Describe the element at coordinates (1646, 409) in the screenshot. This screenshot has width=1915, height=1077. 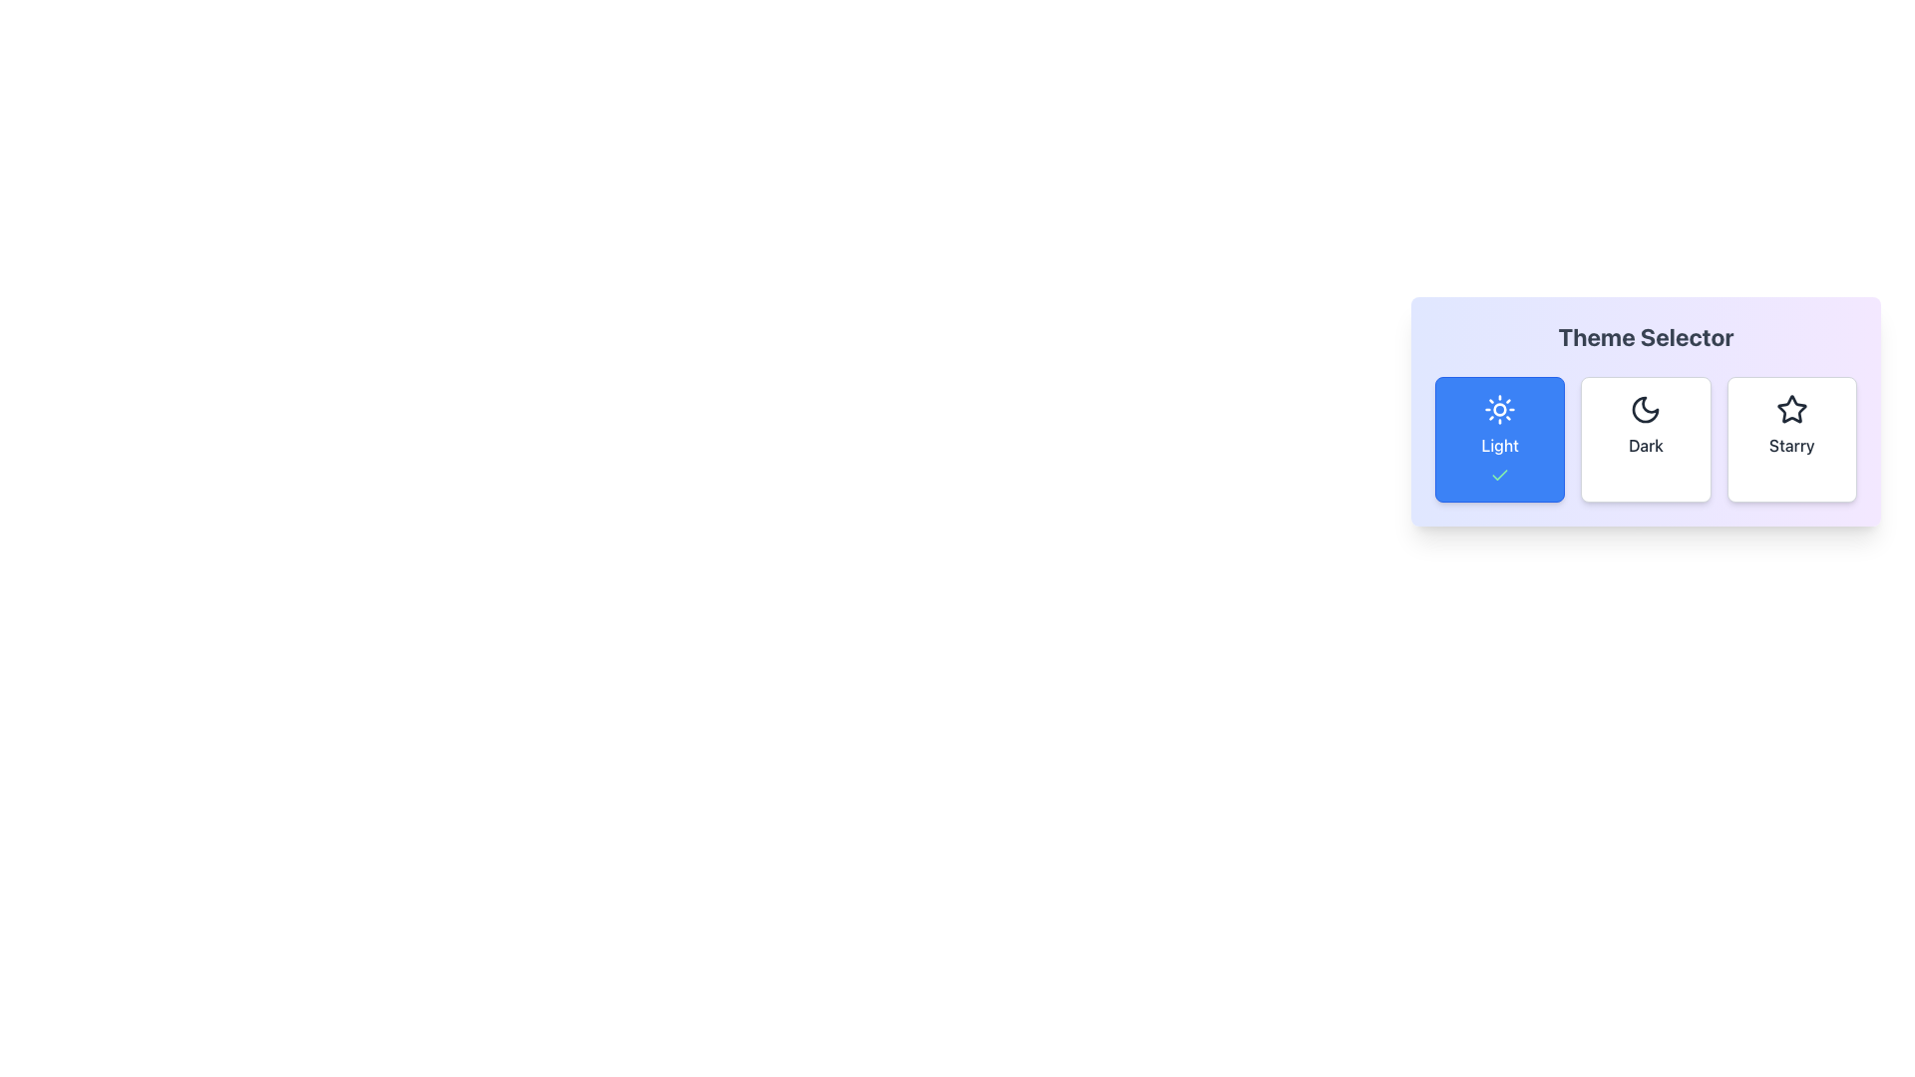
I see `the crescent moon icon within the 'Theme Selector'` at that location.